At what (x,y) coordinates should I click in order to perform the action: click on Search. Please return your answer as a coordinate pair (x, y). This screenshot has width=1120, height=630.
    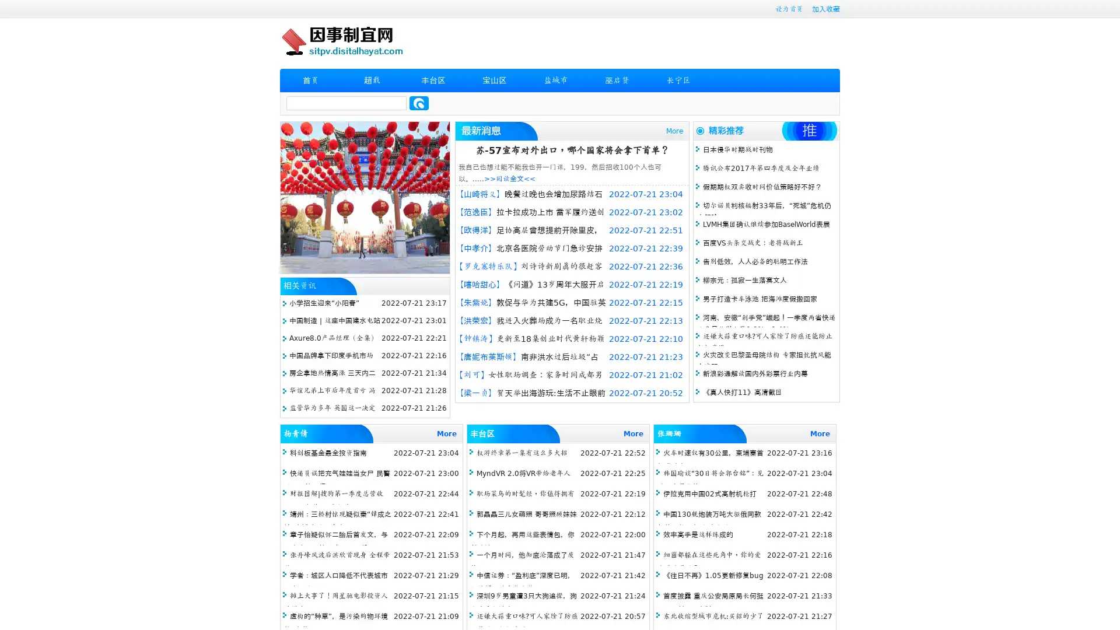
    Looking at the image, I should click on (419, 103).